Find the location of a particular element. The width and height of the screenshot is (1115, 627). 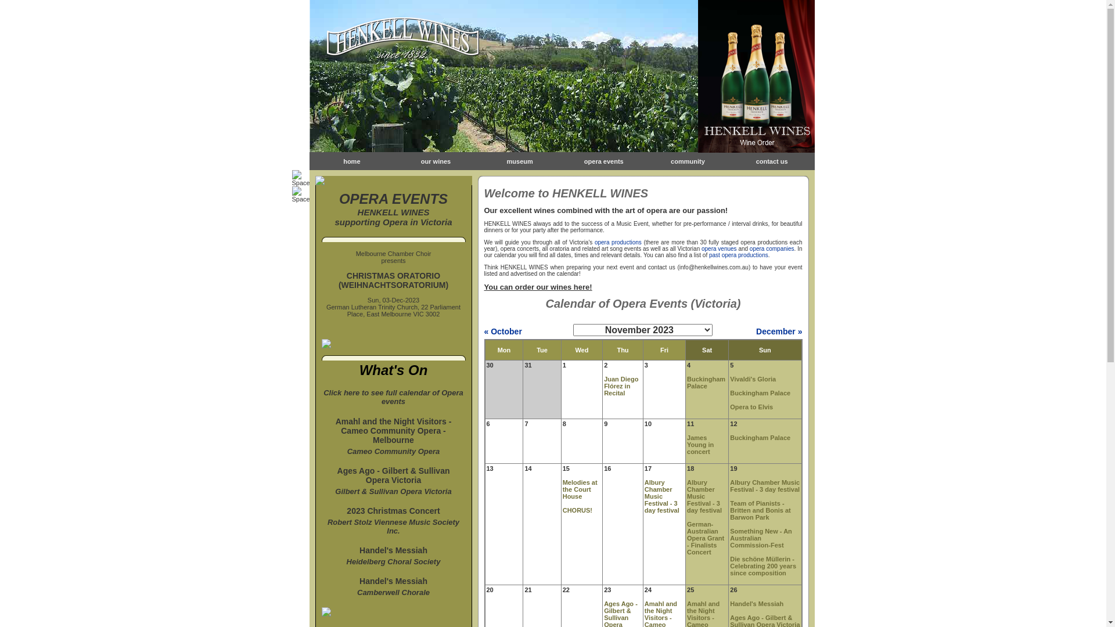

'Click here to see full calendar of Opera events' is located at coordinates (393, 400).